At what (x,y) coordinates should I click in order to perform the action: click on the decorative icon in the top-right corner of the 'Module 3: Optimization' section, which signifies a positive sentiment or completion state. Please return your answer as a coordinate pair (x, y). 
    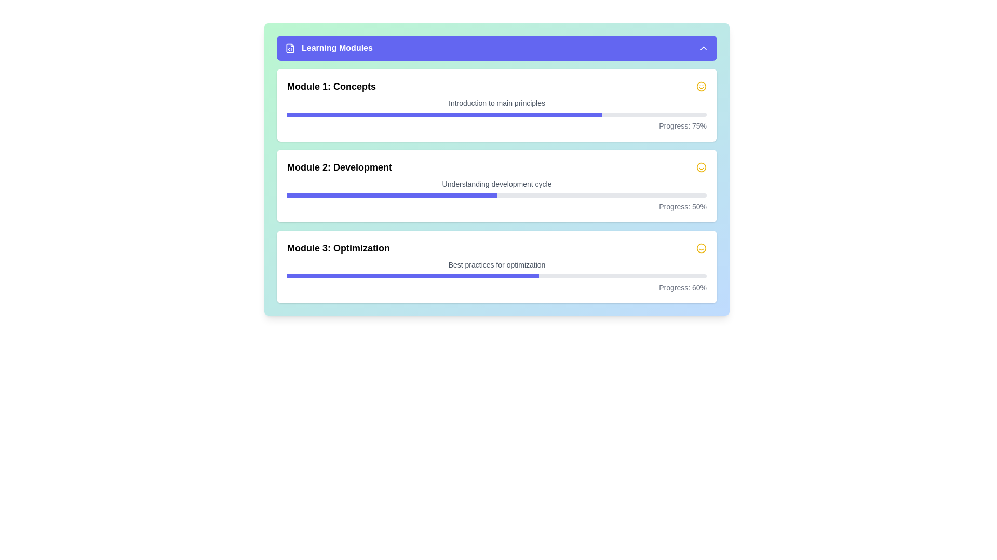
    Looking at the image, I should click on (701, 248).